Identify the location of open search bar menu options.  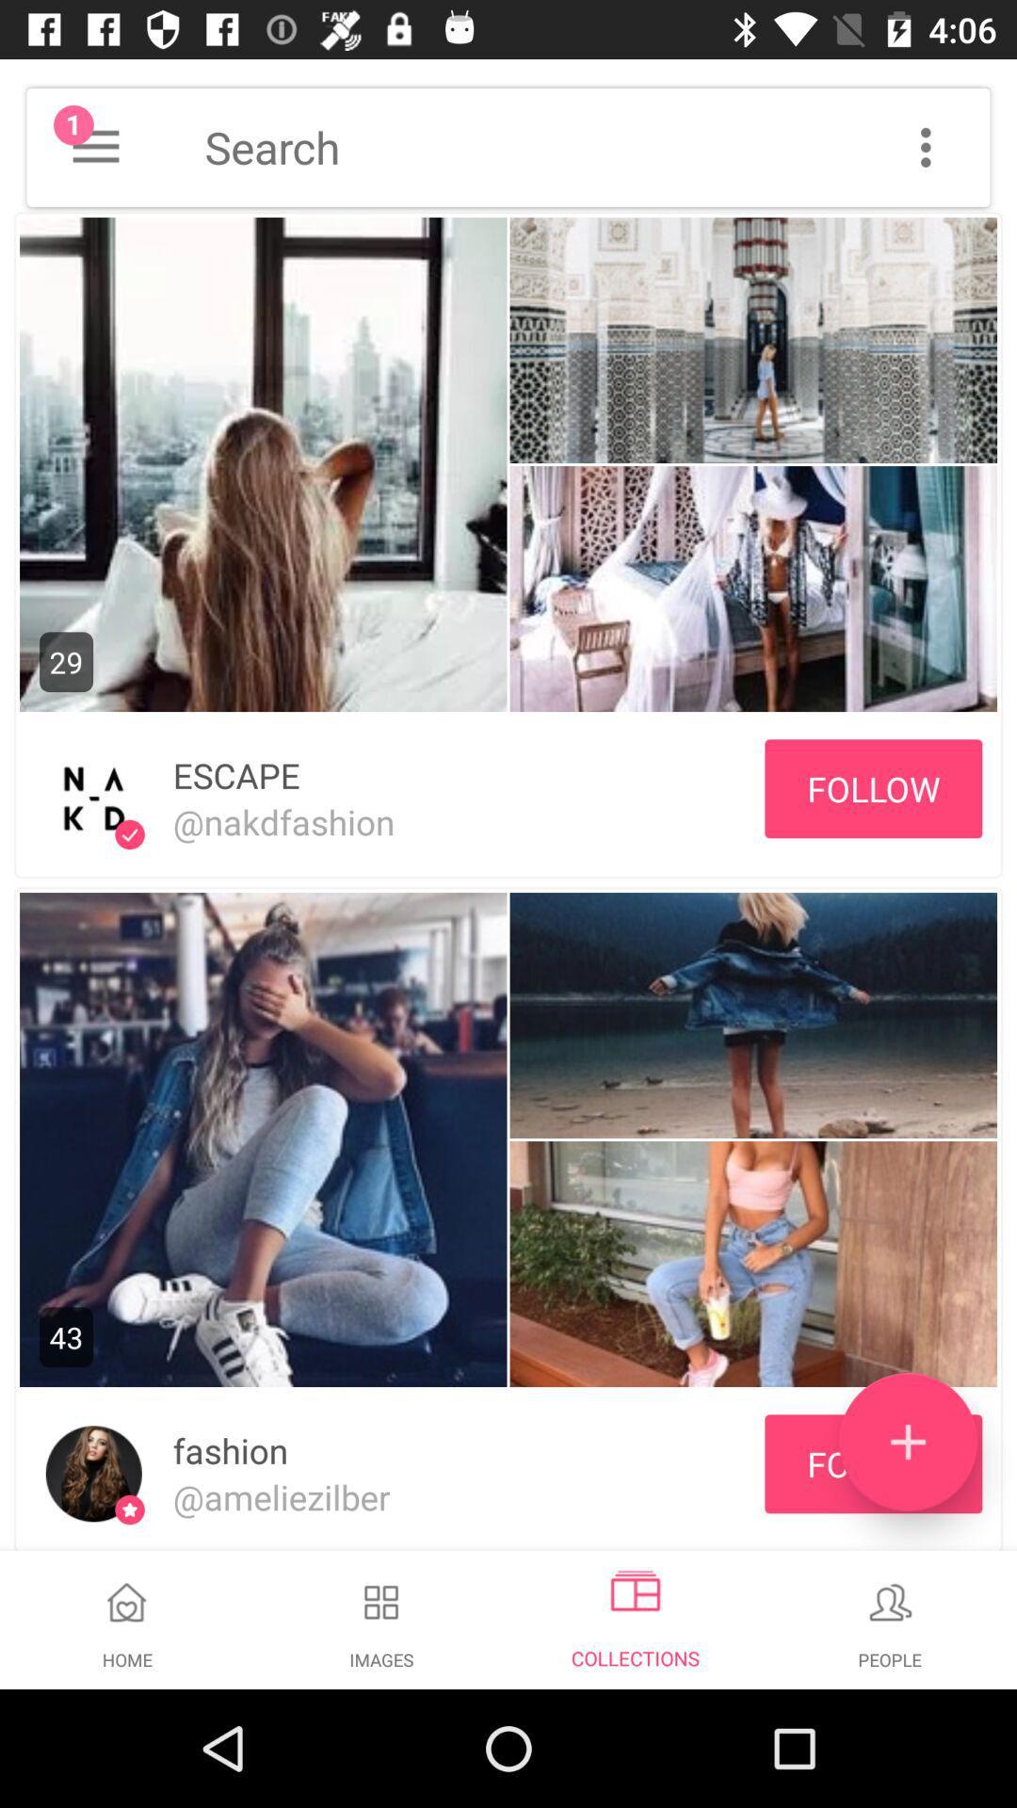
(925, 146).